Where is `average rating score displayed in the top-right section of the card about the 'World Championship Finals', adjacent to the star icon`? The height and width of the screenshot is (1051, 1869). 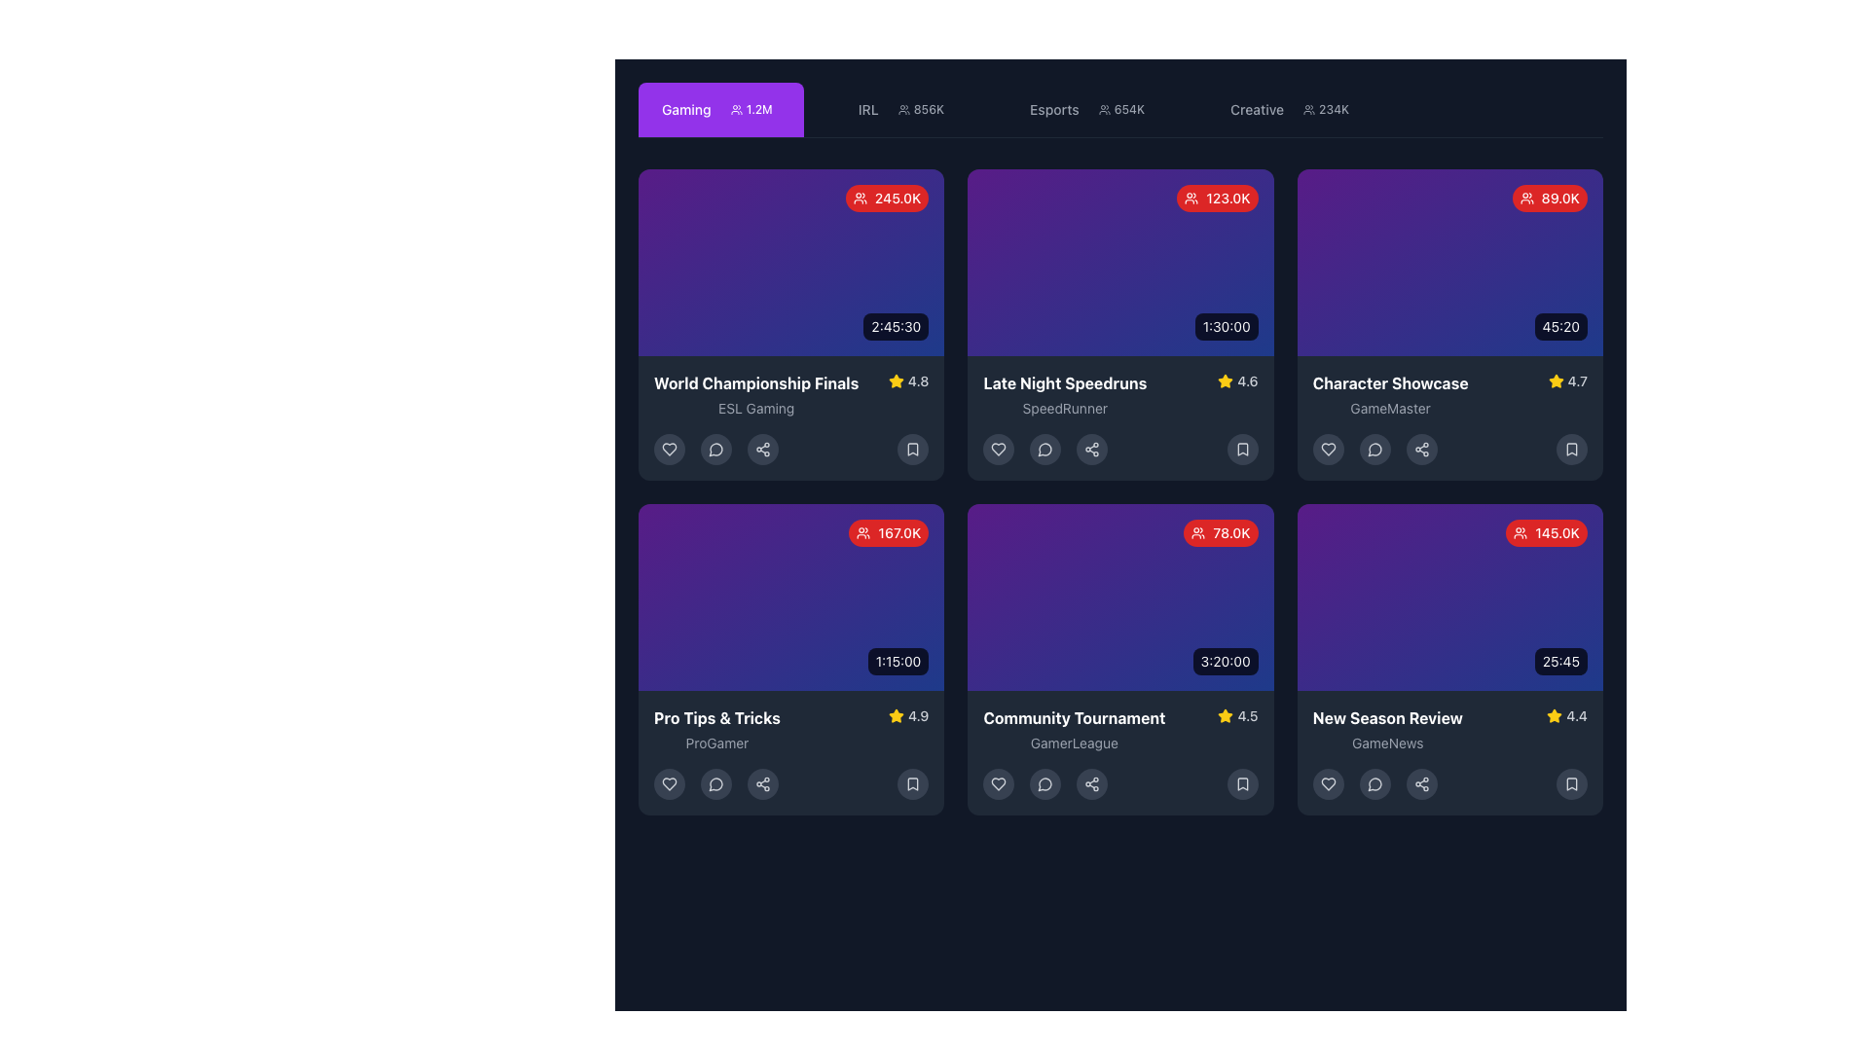 average rating score displayed in the top-right section of the card about the 'World Championship Finals', adjacent to the star icon is located at coordinates (917, 381).